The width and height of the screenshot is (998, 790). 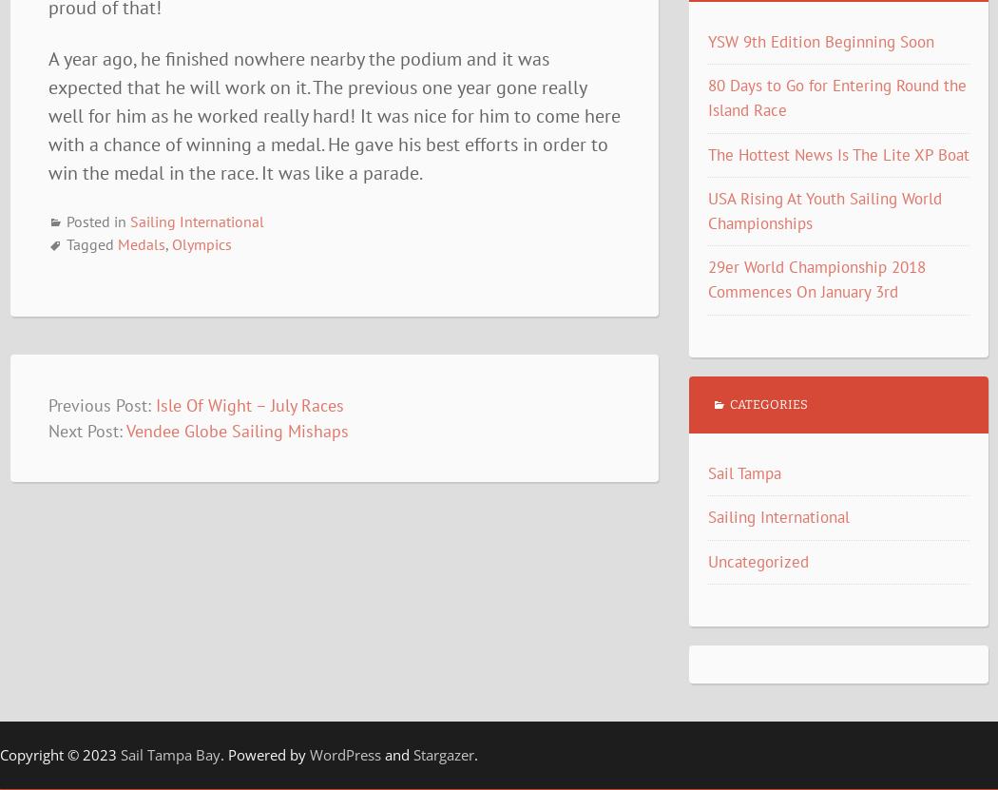 I want to click on 'Olympics', so click(x=200, y=243).